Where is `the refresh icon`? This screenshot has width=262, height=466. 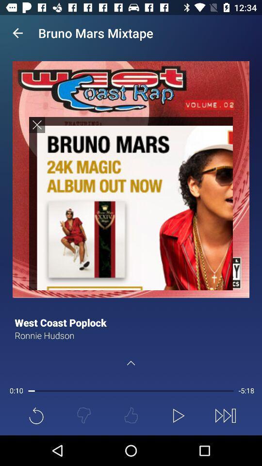 the refresh icon is located at coordinates (36, 415).